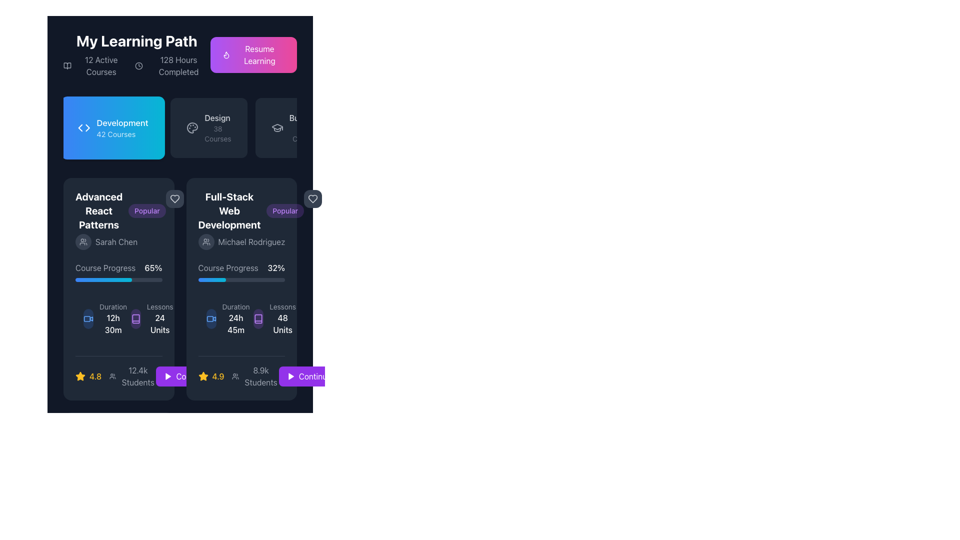  I want to click on the text label displaying 'Lessons' in gray font, located within the 'Full-Stack Web Development' card, above the '48 Units' label, so click(282, 306).